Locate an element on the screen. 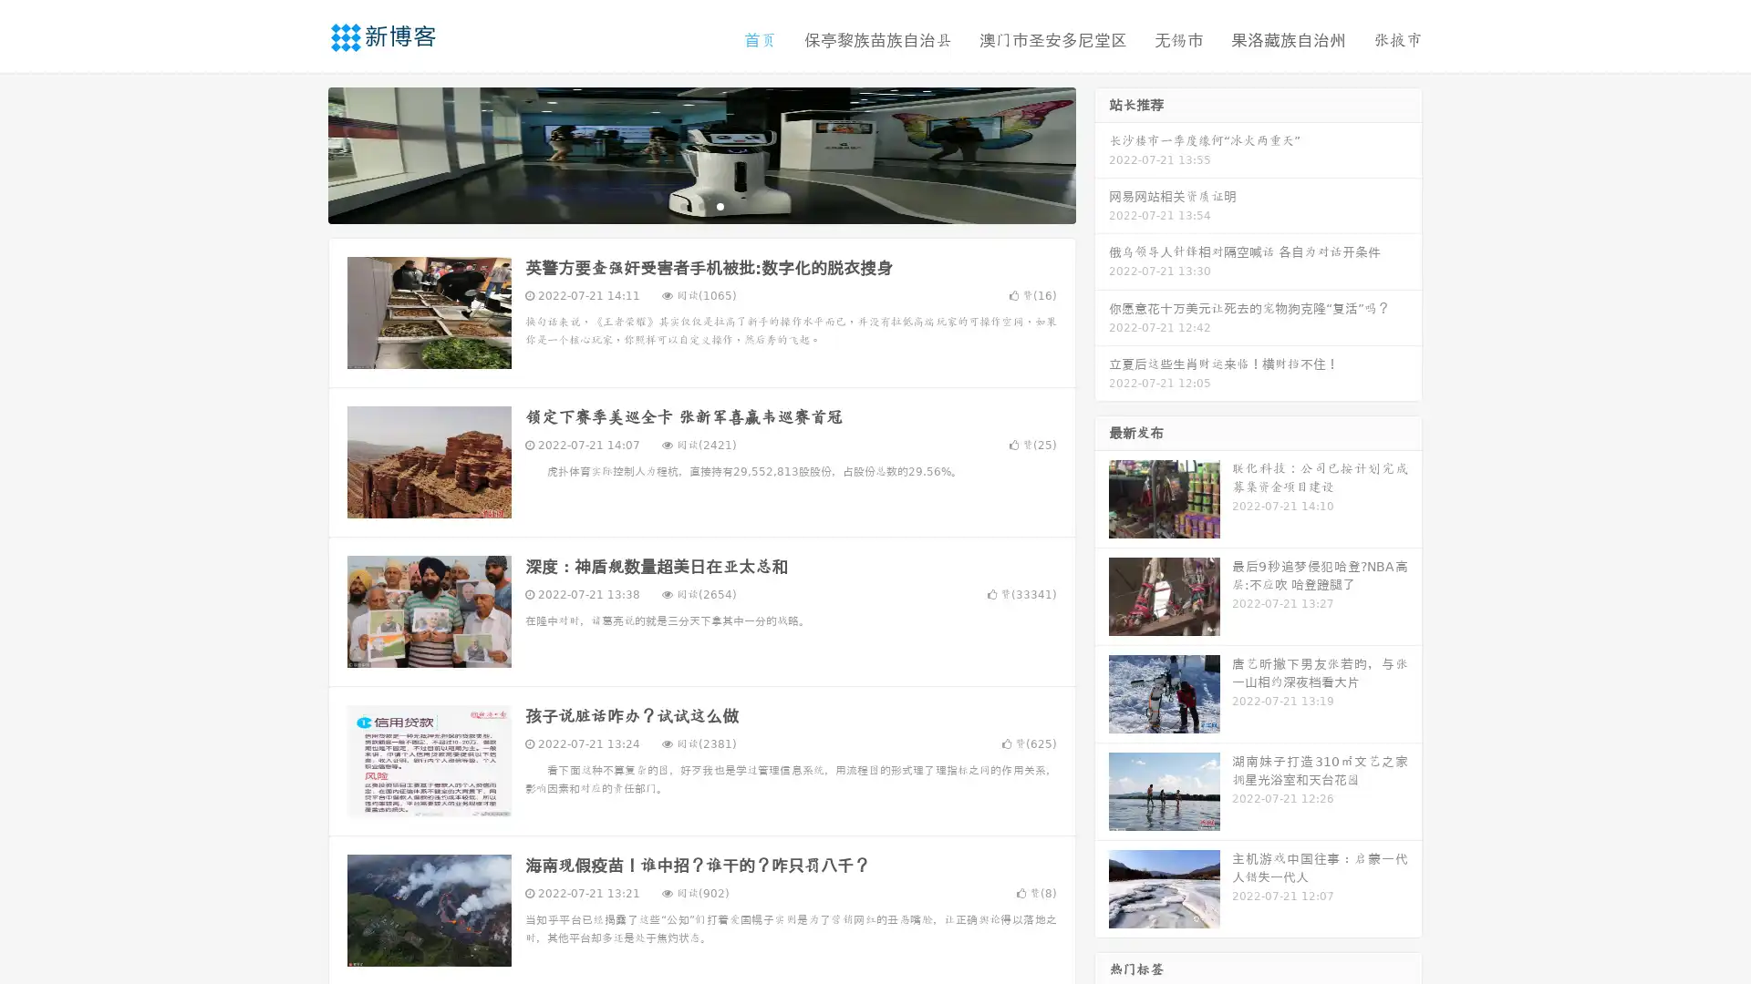  Next slide is located at coordinates (1102, 153).